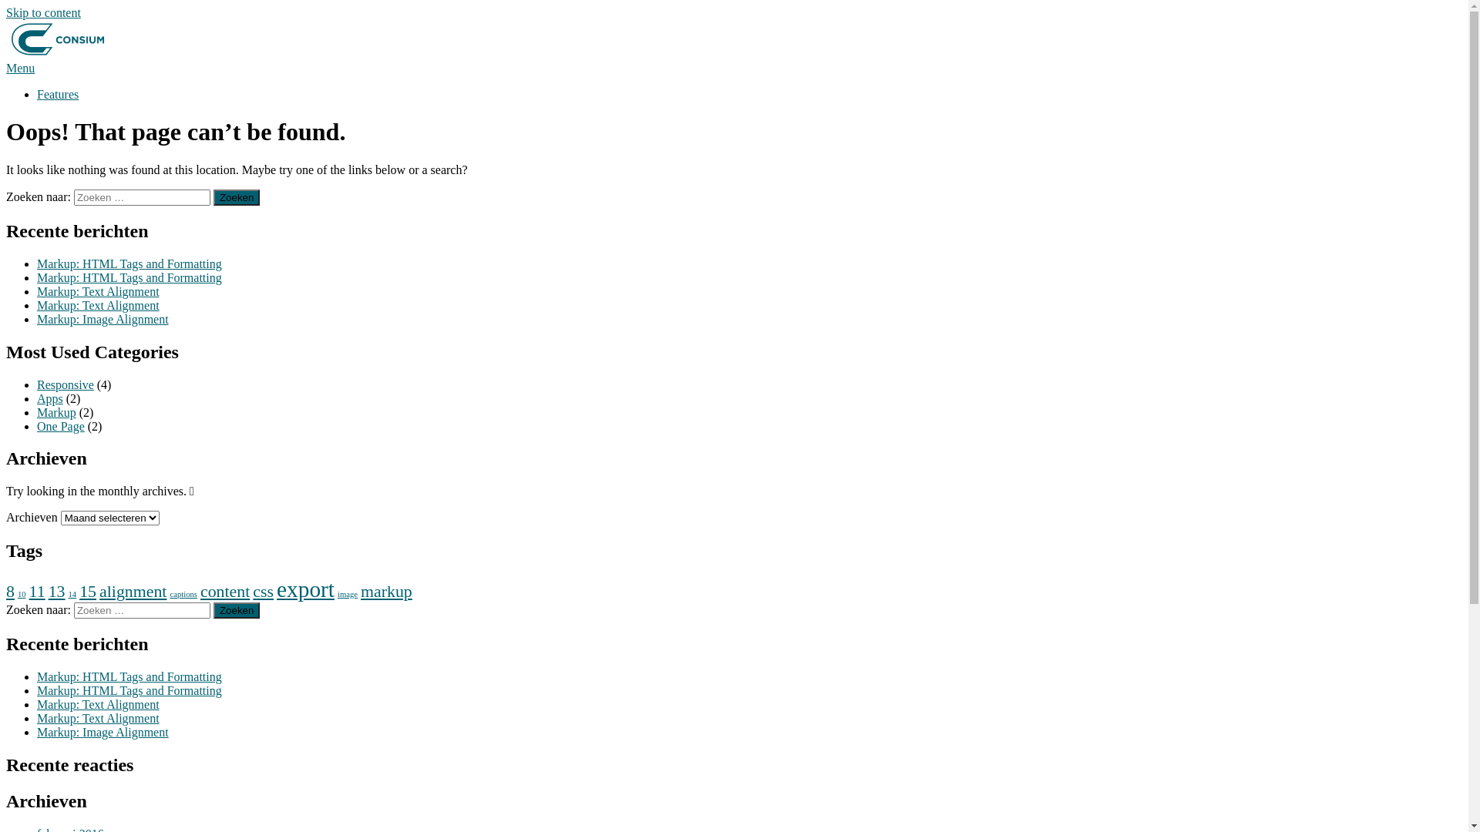  I want to click on '11', so click(37, 590).